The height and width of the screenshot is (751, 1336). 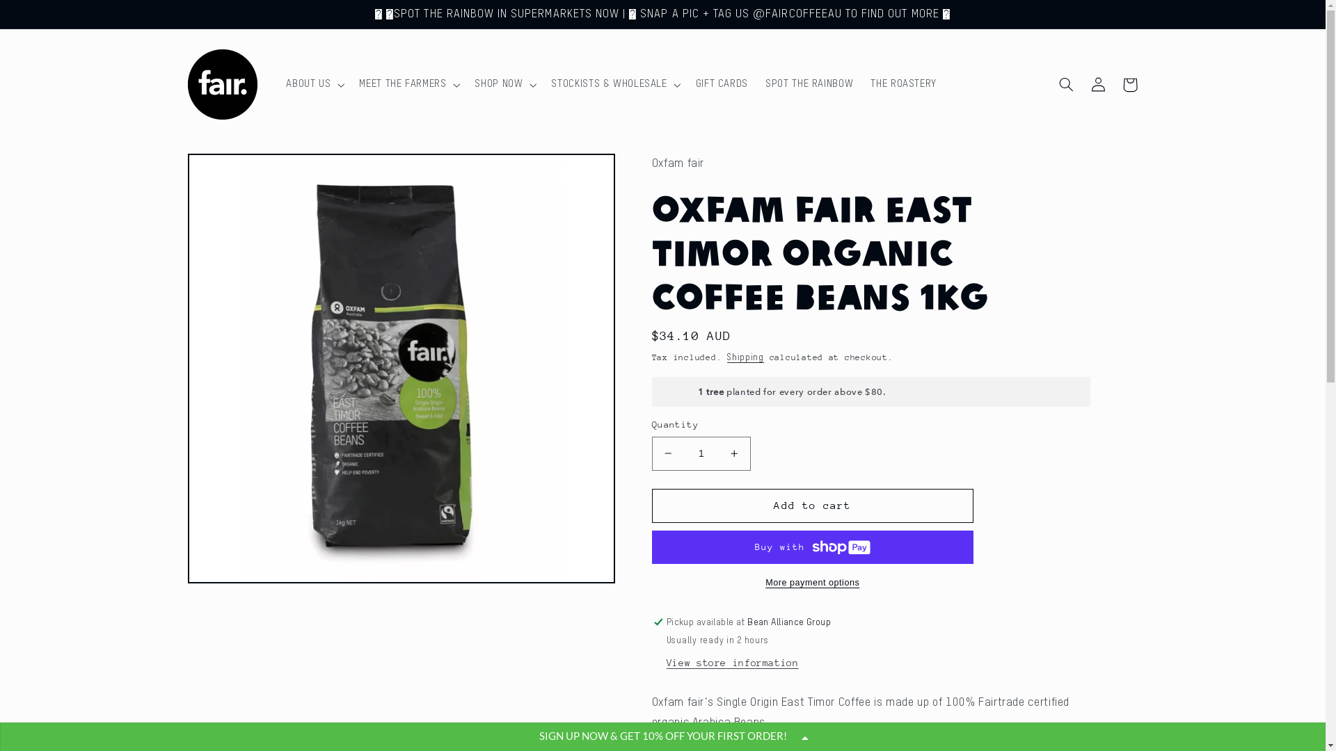 I want to click on 'Add to cart', so click(x=812, y=506).